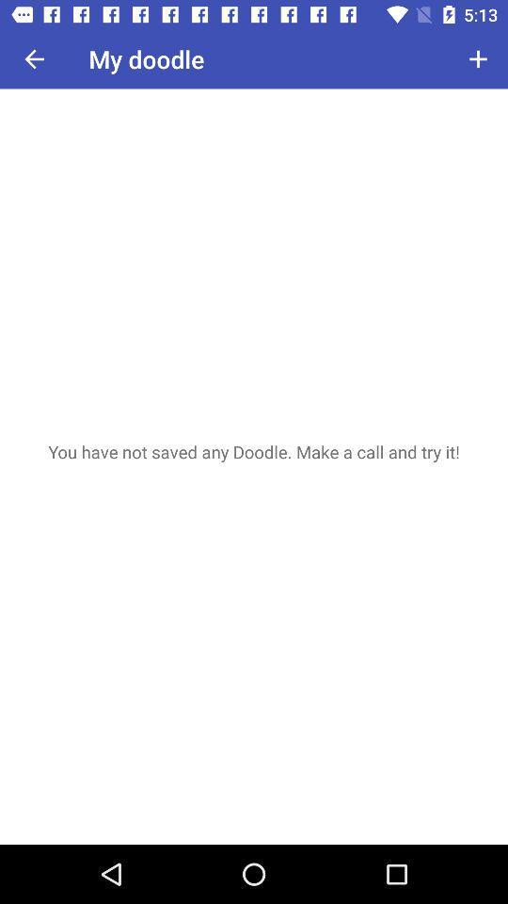 The width and height of the screenshot is (508, 904). I want to click on the icon next to my doodle item, so click(34, 58).